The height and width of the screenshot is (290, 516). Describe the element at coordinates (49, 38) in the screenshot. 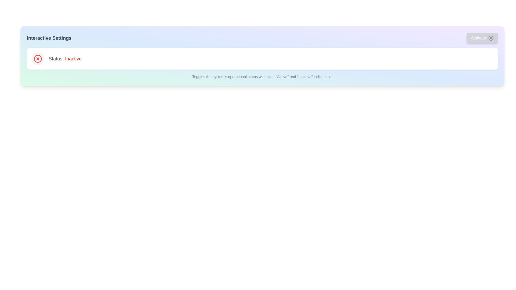

I see `the text label which serves as the heading or title located at the left-most side of the header row` at that location.